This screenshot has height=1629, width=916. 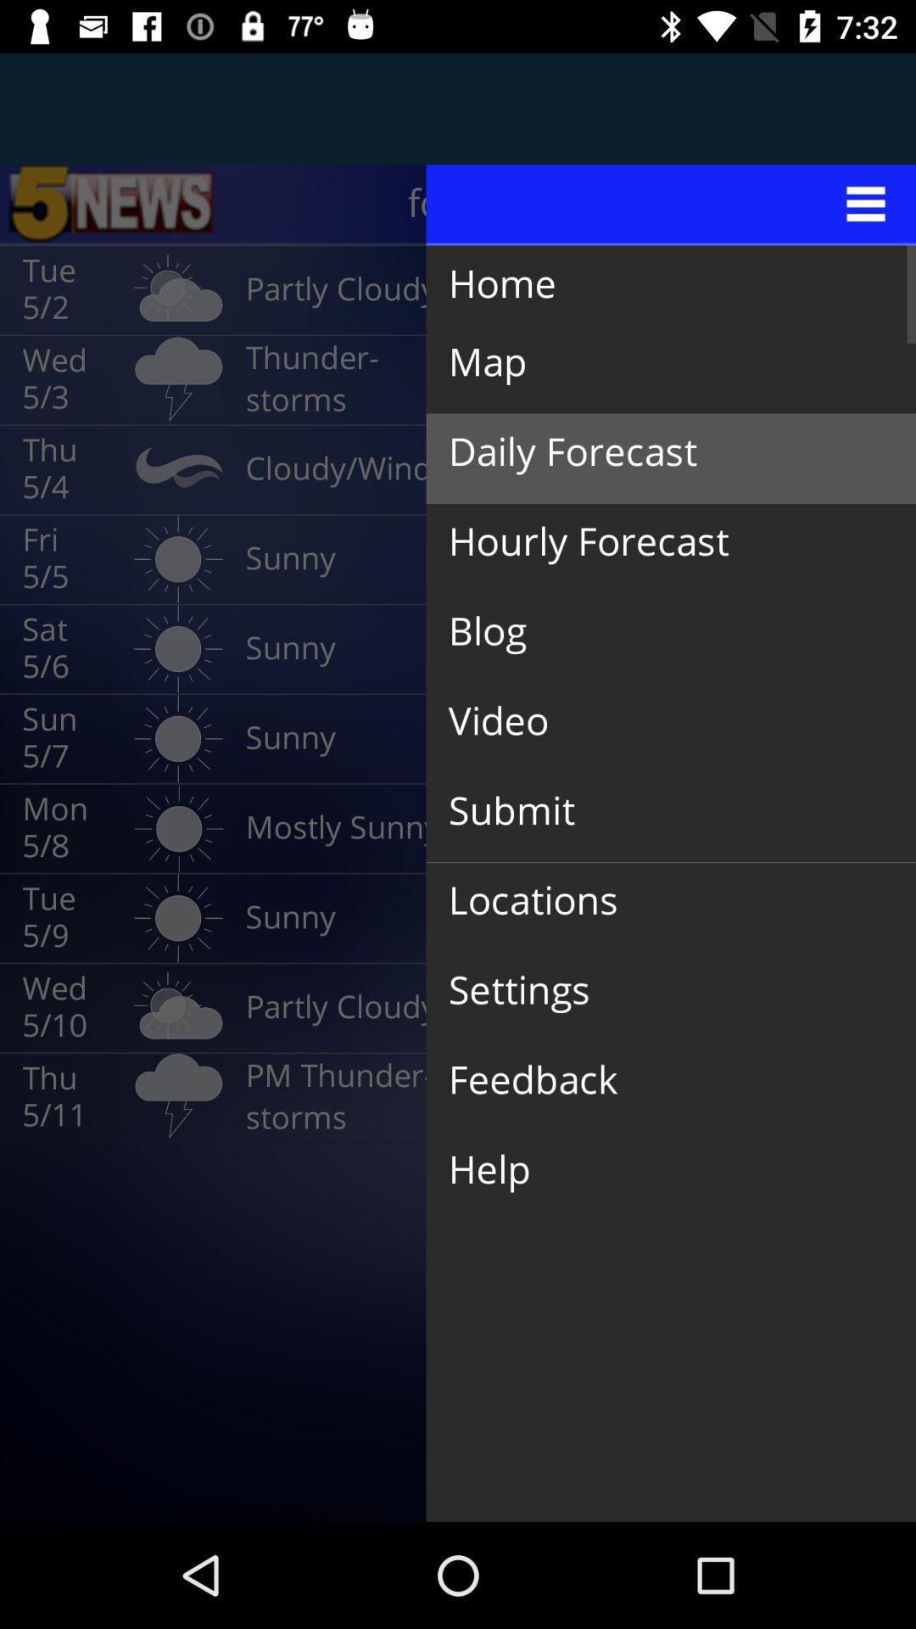 I want to click on the sun icon which is beside mon 58, so click(x=178, y=827).